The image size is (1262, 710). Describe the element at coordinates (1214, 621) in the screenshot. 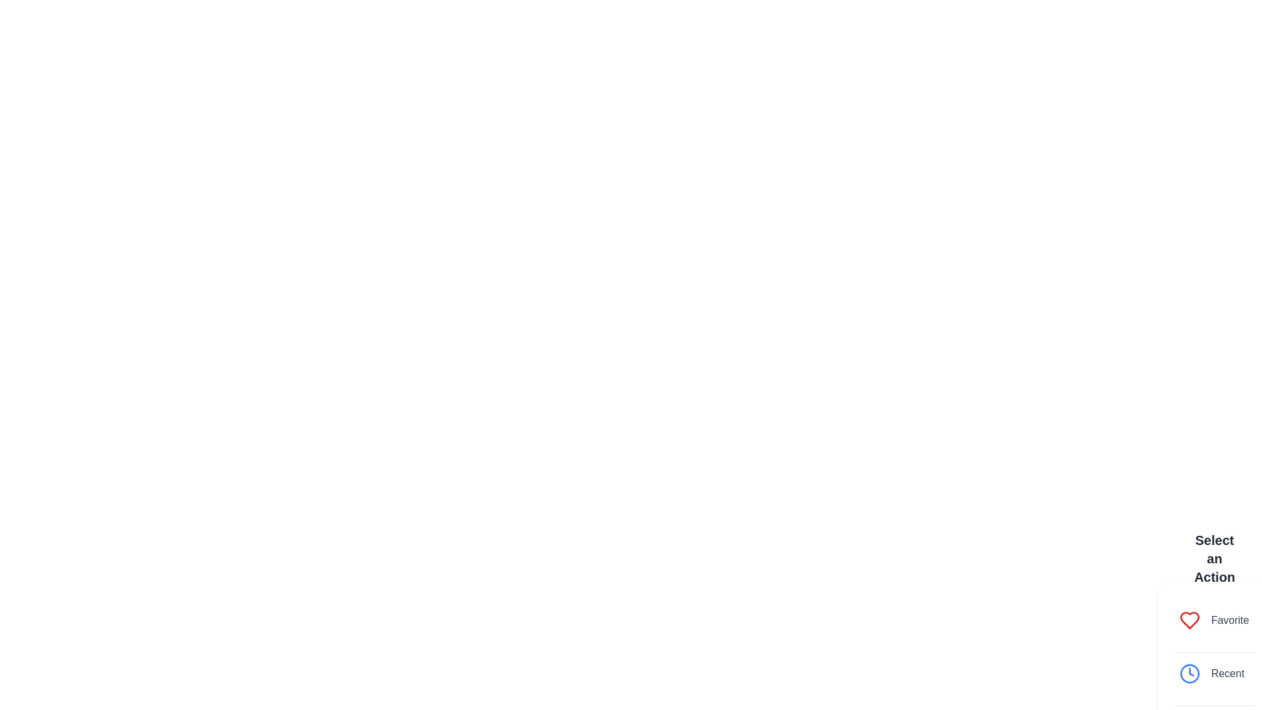

I see `the option Favorite from the menu` at that location.